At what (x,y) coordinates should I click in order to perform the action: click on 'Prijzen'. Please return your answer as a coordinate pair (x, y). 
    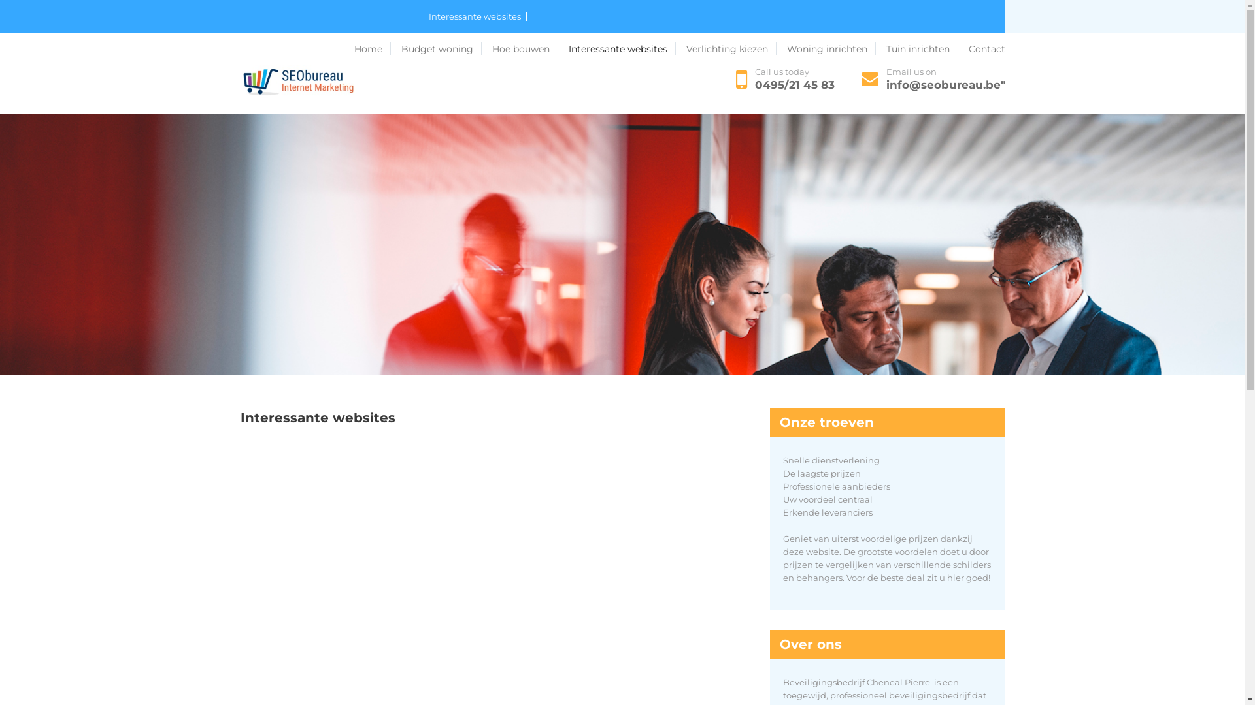
    Looking at the image, I should click on (575, 48).